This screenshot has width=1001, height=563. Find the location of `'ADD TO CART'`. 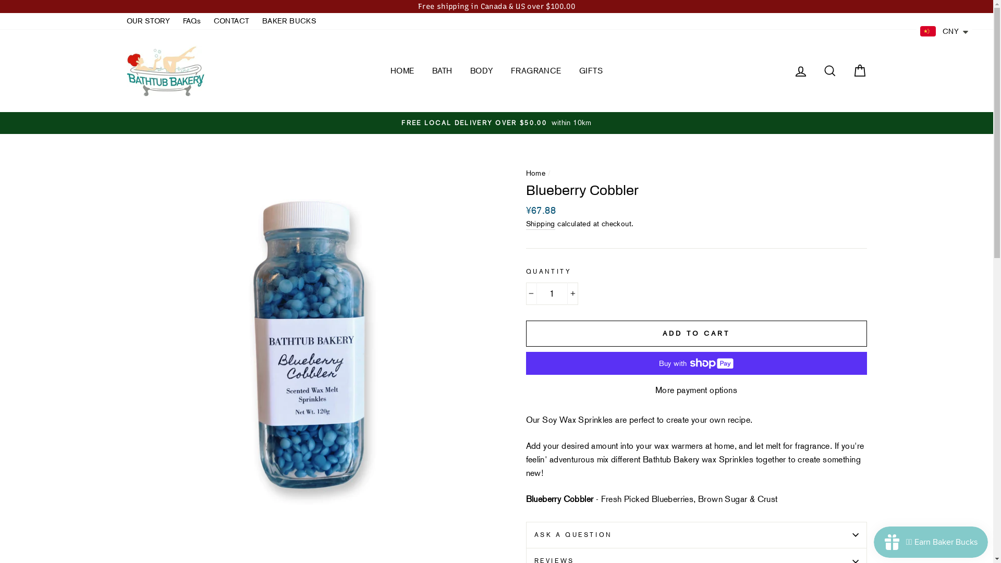

'ADD TO CART' is located at coordinates (695, 334).